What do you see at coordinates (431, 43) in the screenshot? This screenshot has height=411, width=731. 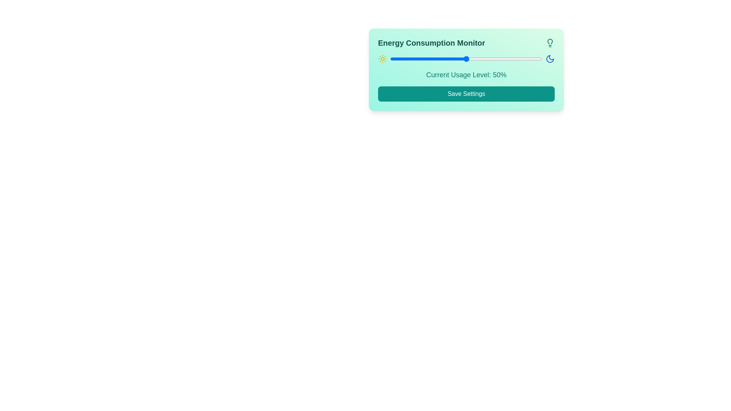 I see `the 'Energy Consumption Monitor' title text` at bounding box center [431, 43].